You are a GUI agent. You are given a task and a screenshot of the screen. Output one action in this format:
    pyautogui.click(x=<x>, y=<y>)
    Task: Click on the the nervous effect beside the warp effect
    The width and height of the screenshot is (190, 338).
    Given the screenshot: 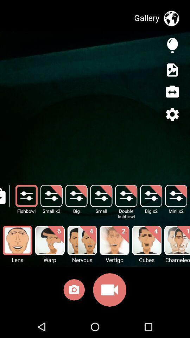 What is the action you would take?
    pyautogui.click(x=82, y=240)
    